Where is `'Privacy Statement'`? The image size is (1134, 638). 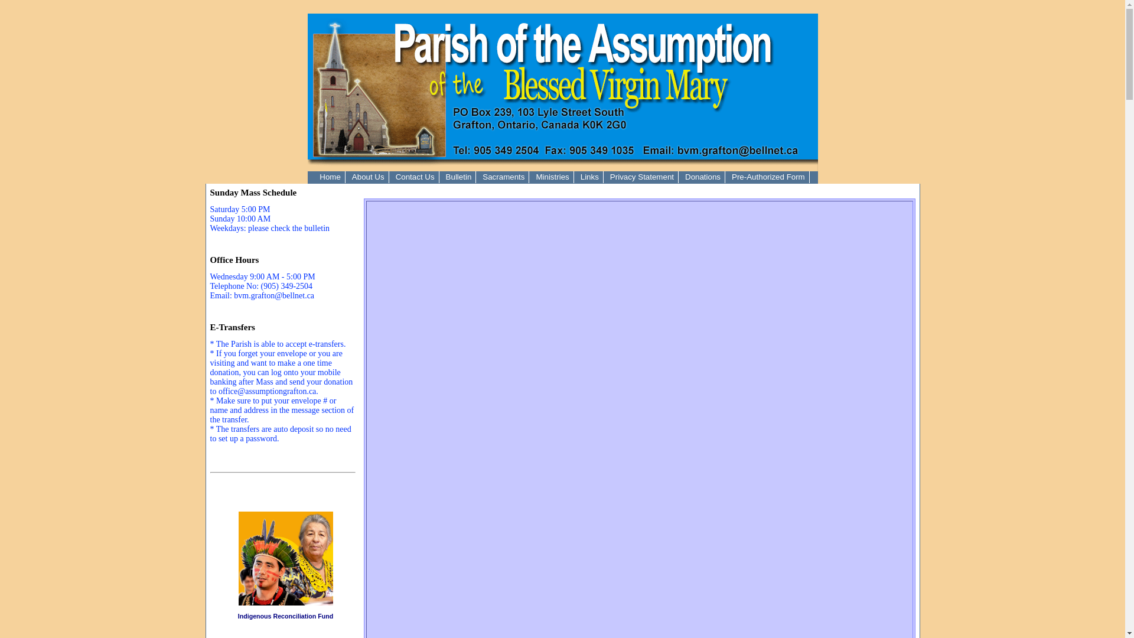
'Privacy Statement' is located at coordinates (641, 177).